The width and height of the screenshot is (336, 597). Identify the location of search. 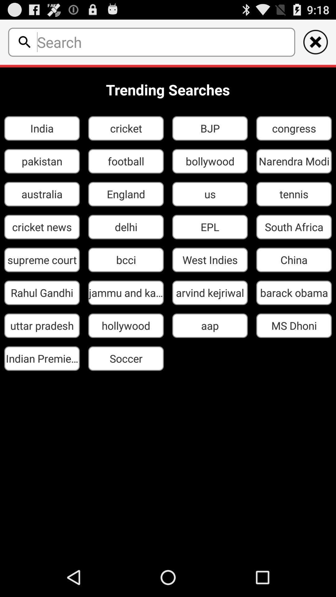
(164, 42).